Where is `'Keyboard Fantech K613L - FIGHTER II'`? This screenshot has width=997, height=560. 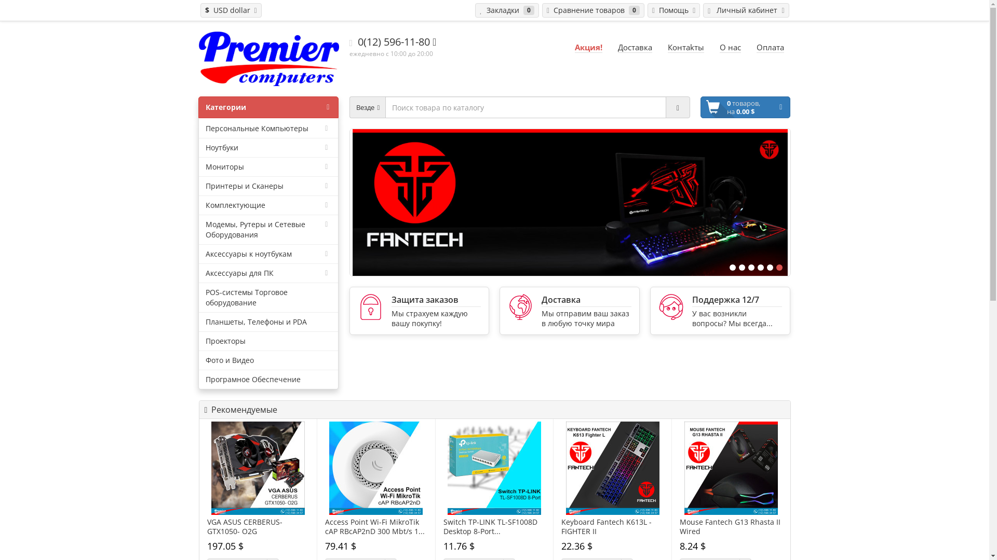
'Keyboard Fantech K613L - FIGHTER II' is located at coordinates (613, 468).